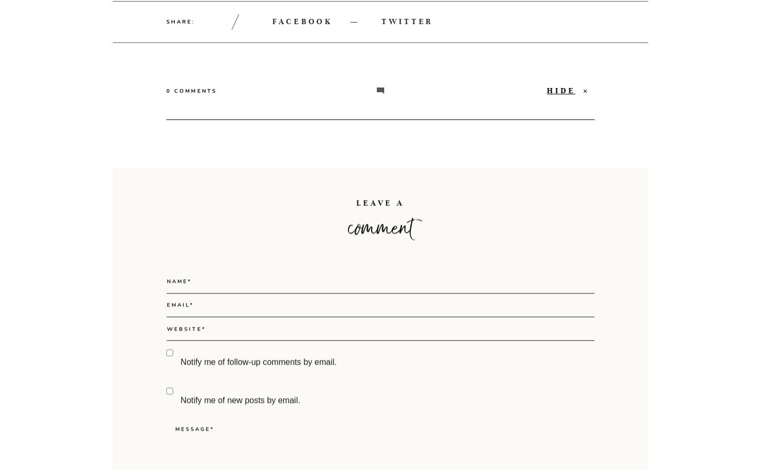 This screenshot has width=761, height=470. What do you see at coordinates (379, 247) in the screenshot?
I see `'LEAVE A'` at bounding box center [379, 247].